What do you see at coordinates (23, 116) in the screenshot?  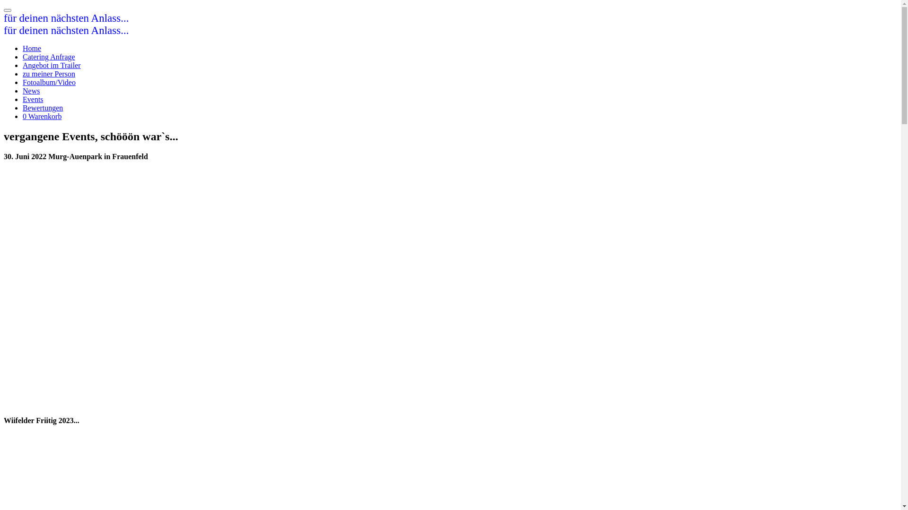 I see `'0 Warenkorb'` at bounding box center [23, 116].